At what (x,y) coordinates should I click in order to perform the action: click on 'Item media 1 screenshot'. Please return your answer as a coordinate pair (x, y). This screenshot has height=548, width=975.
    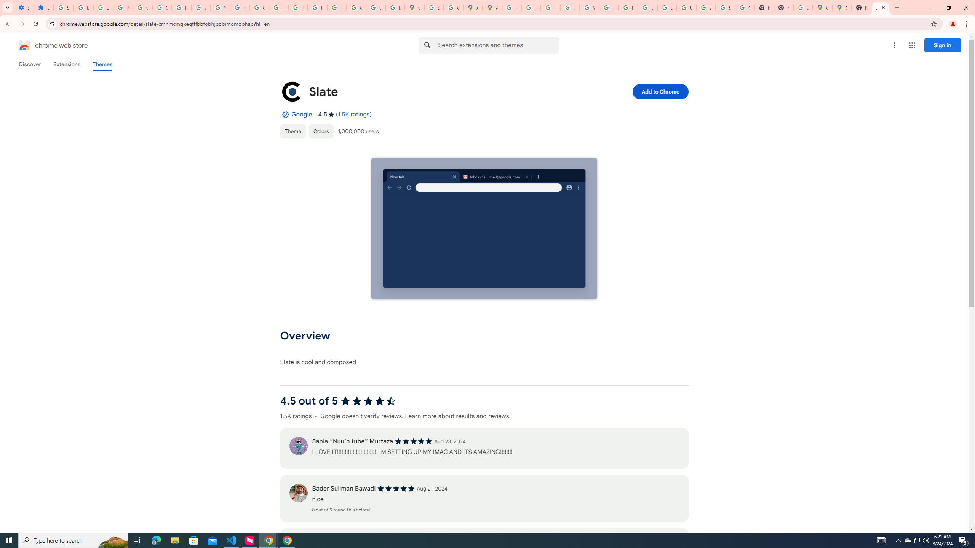
    Looking at the image, I should click on (484, 228).